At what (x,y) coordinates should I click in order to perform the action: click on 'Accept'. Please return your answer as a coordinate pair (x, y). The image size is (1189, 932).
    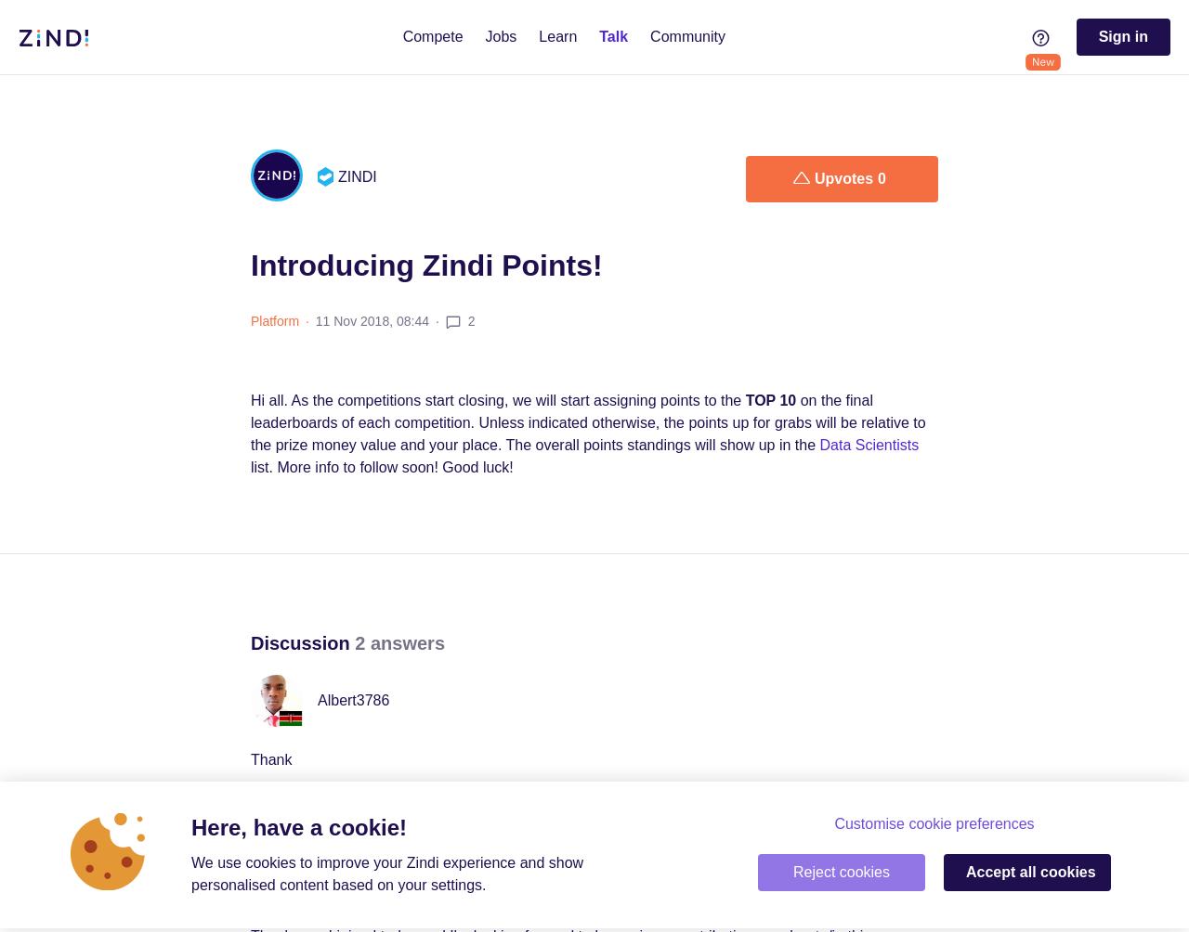
    Looking at the image, I should click on (991, 871).